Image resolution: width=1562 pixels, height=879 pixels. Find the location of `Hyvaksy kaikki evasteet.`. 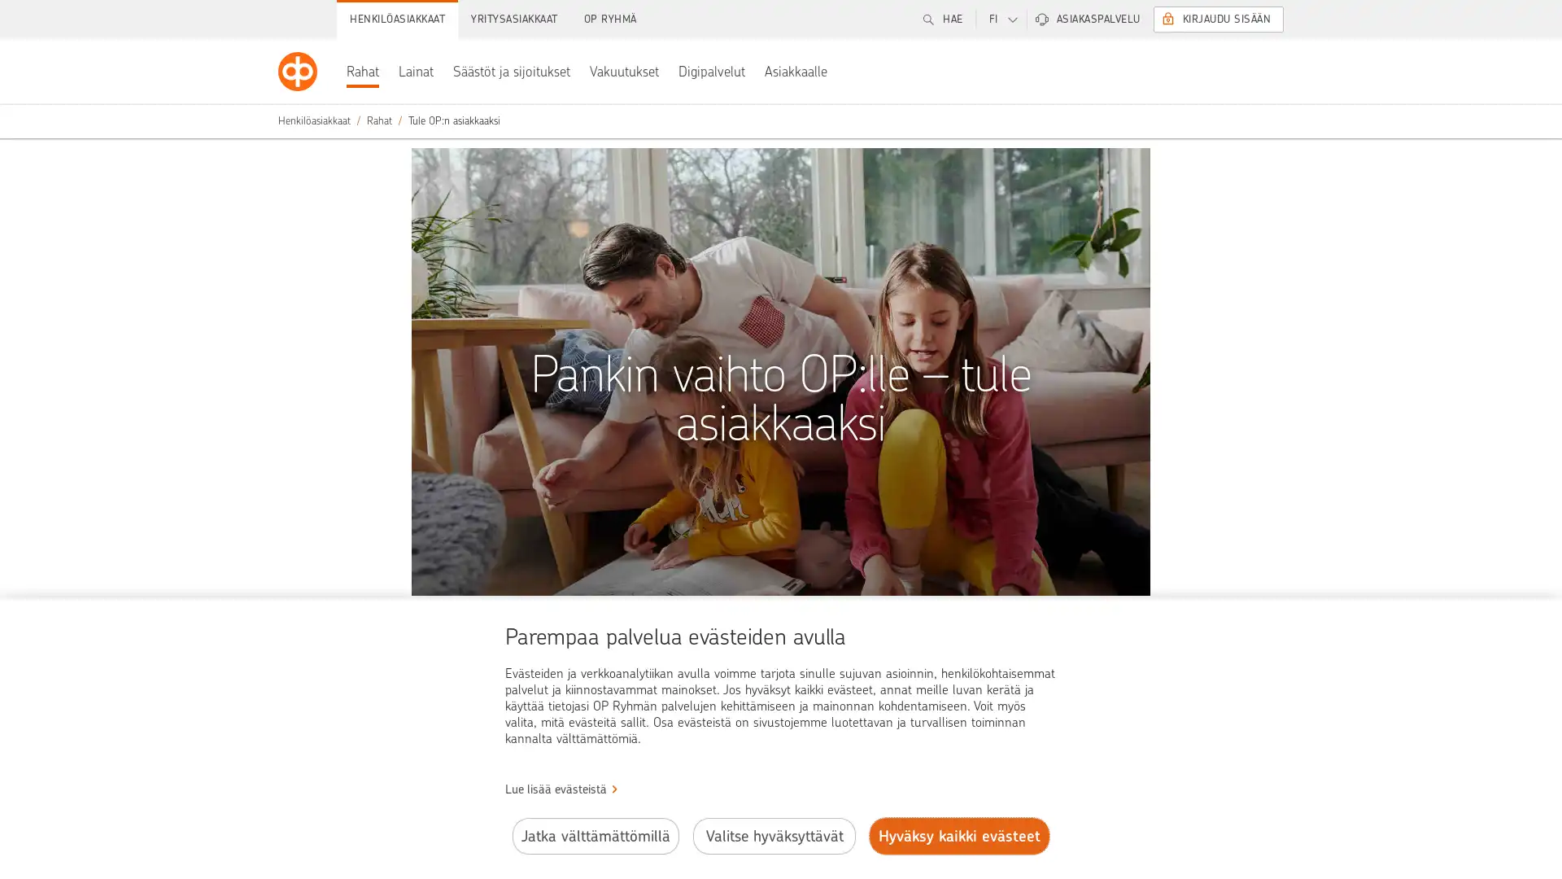

Hyvaksy kaikki evasteet. is located at coordinates (959, 836).